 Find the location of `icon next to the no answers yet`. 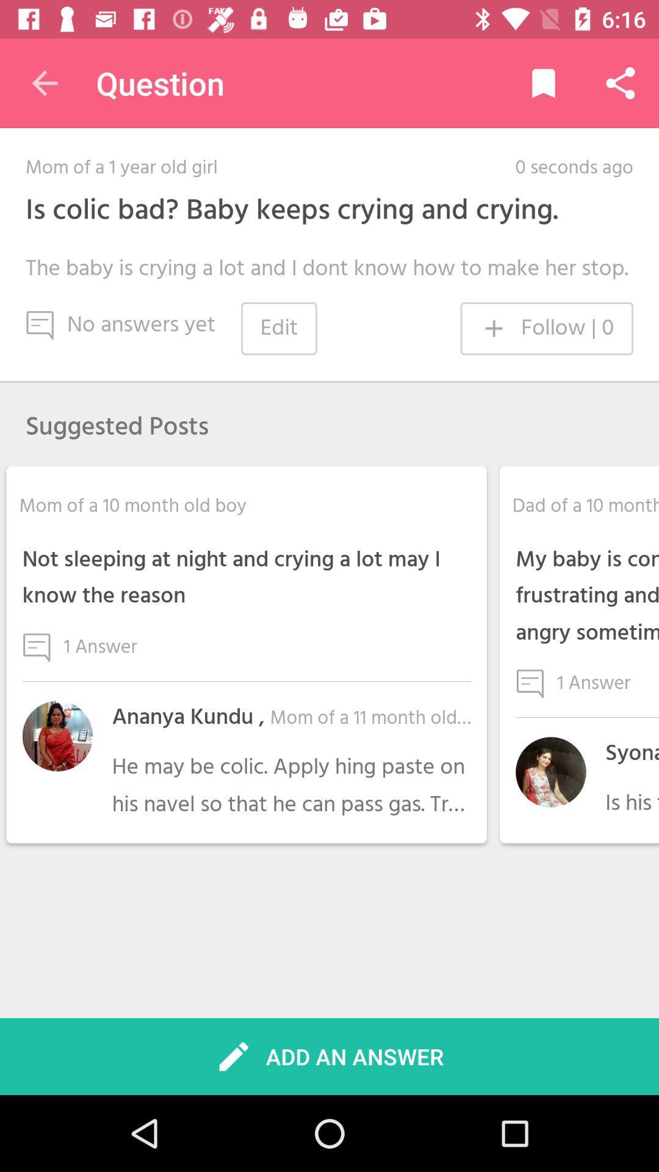

icon next to the no answers yet is located at coordinates (279, 328).